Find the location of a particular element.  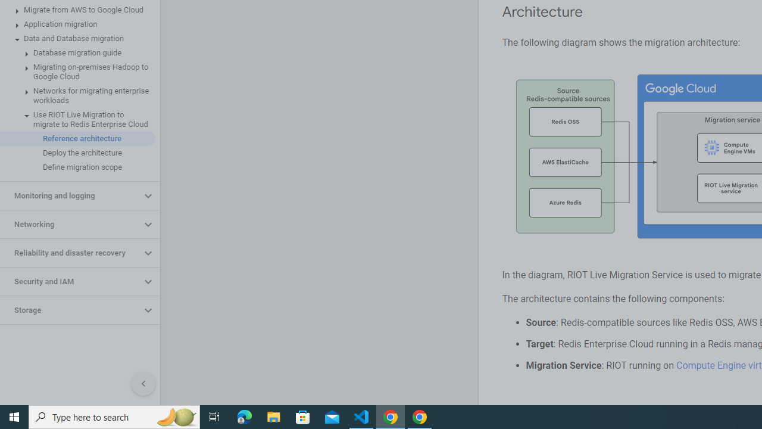

'Migrate from AWS to Google Cloud' is located at coordinates (77, 10).